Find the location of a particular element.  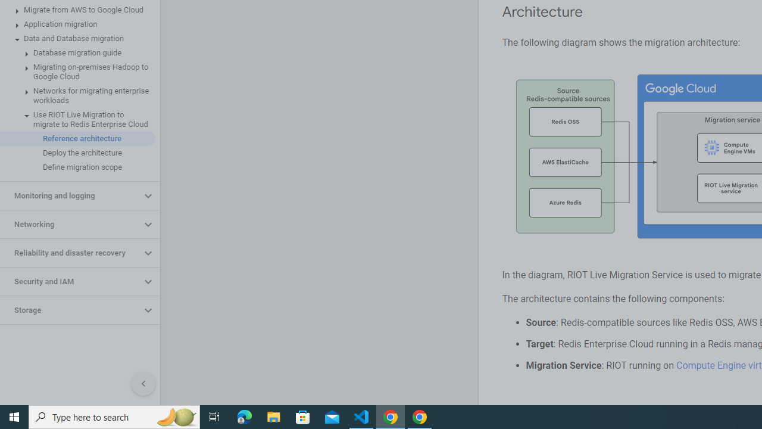

'Migrate from AWS to Google Cloud' is located at coordinates (77, 10).